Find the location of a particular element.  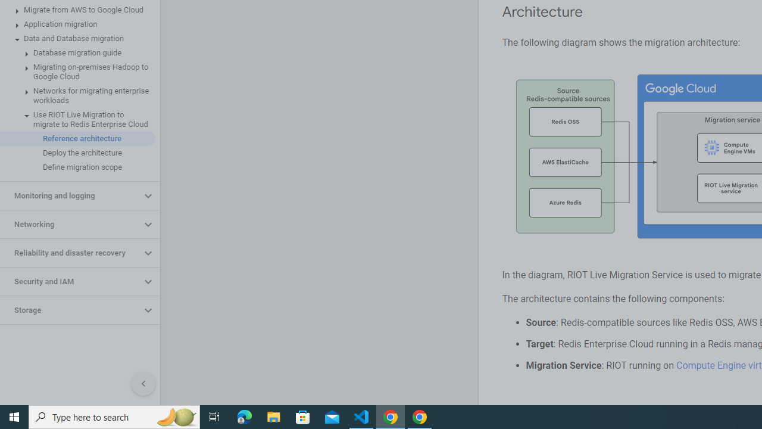

'Migrate from AWS to Google Cloud' is located at coordinates (77, 10).